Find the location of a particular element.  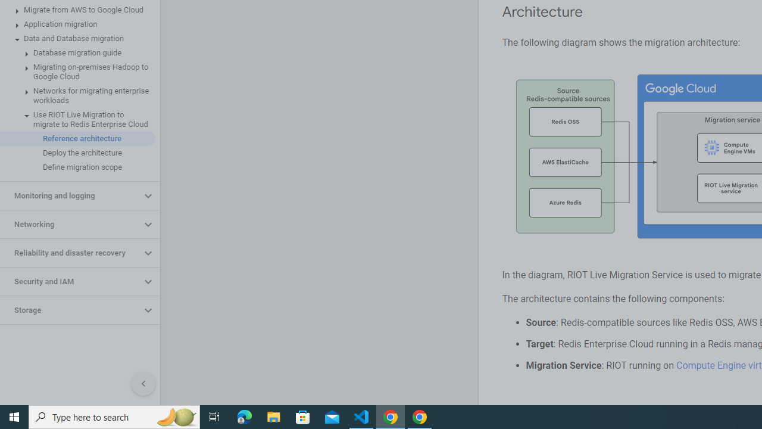

'Migrate from AWS to Google Cloud' is located at coordinates (77, 10).